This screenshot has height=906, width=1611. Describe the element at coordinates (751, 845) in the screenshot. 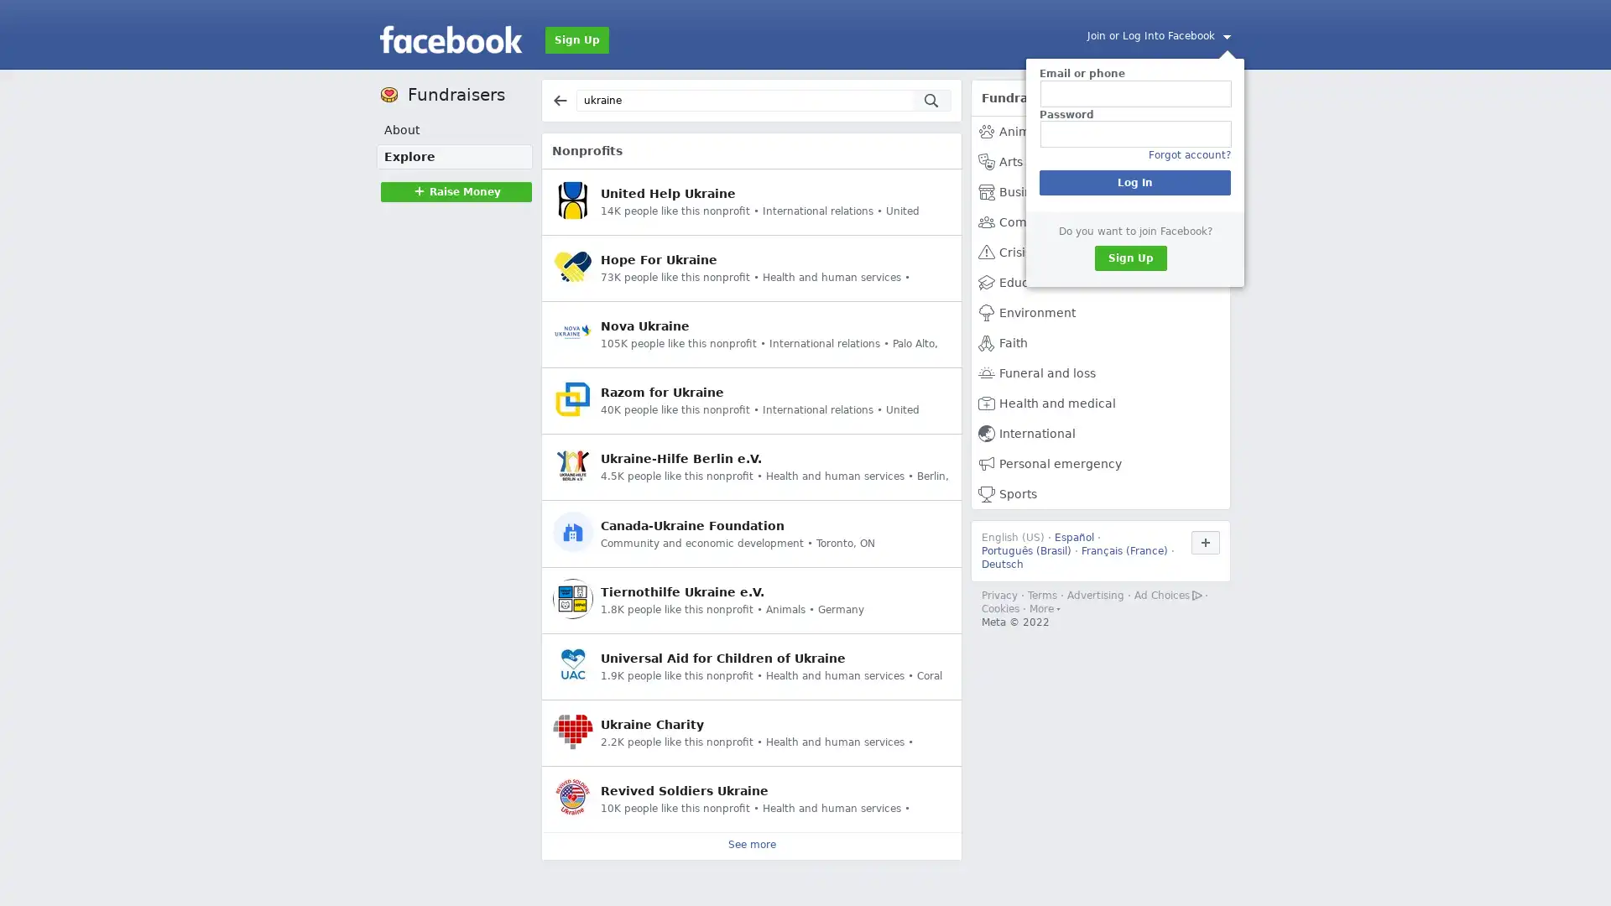

I see `See more` at that location.